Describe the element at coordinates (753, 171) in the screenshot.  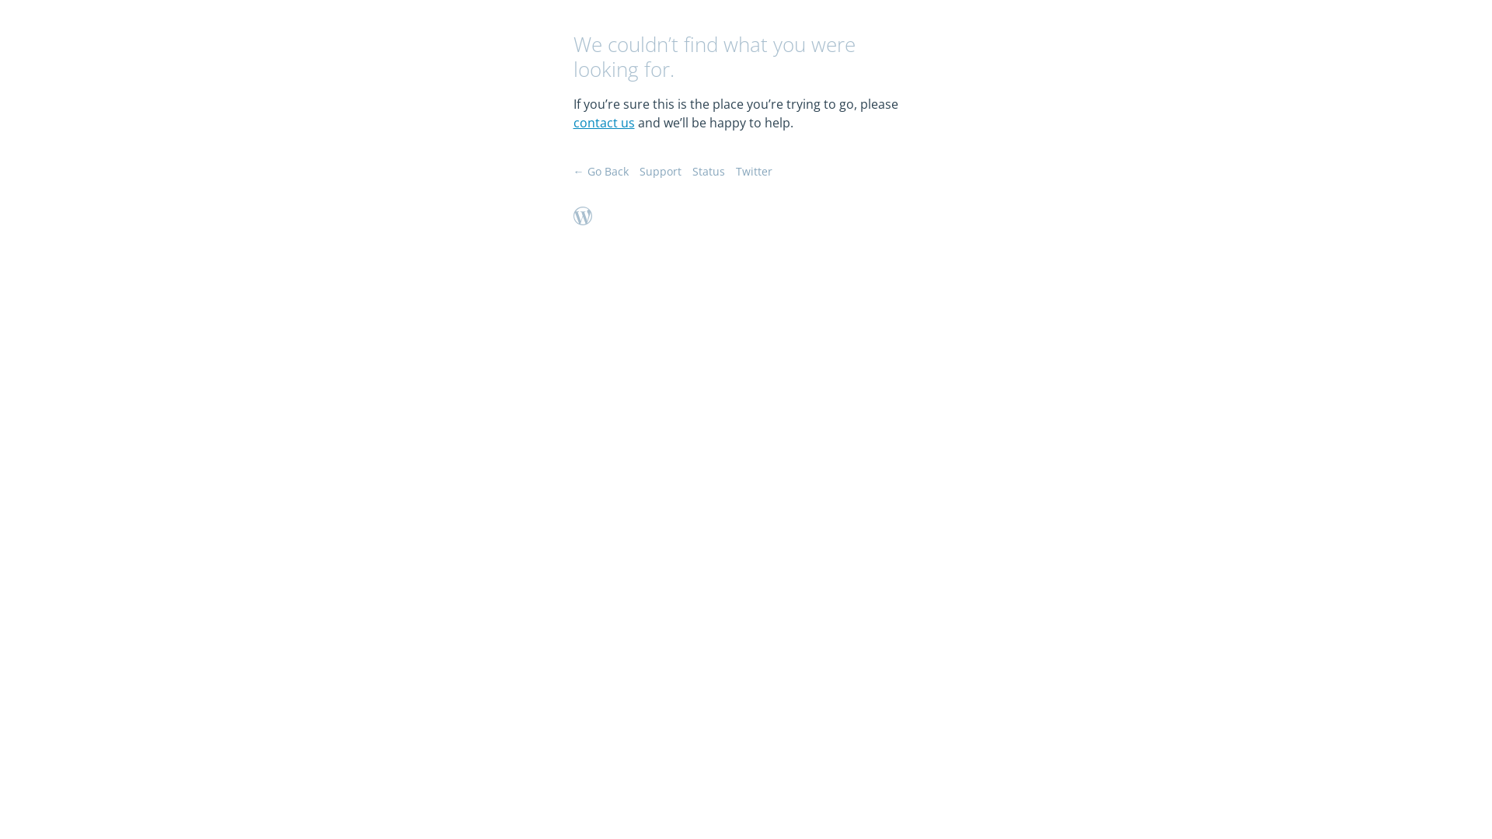
I see `'Twitter'` at that location.